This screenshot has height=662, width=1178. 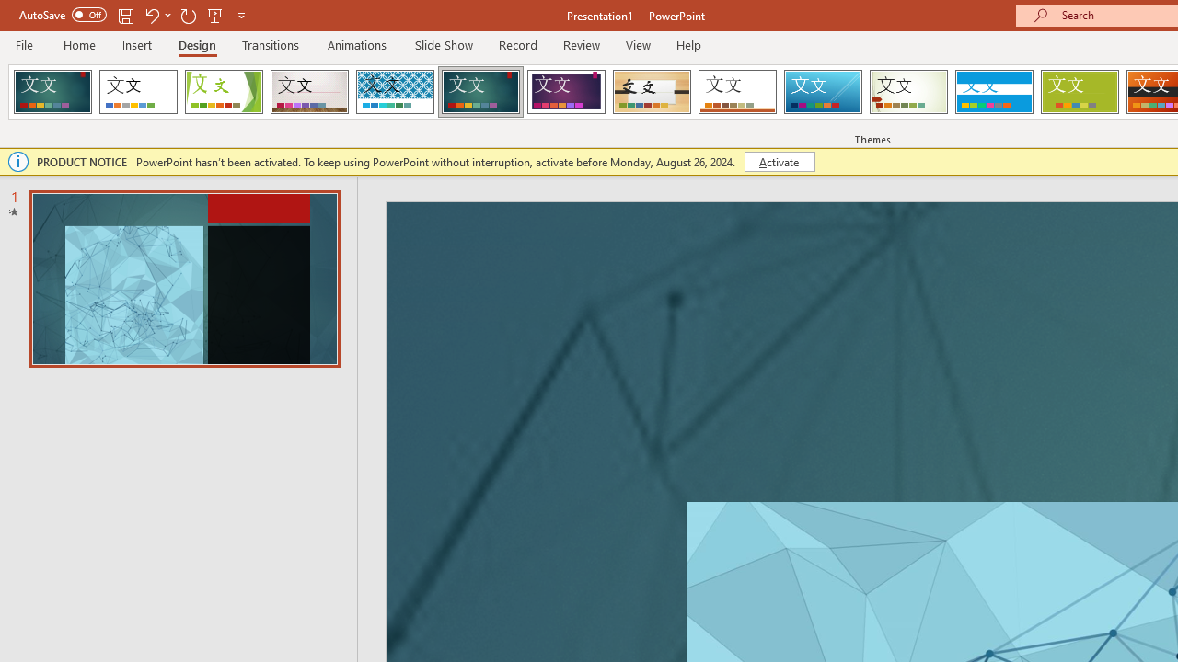 I want to click on 'Organic', so click(x=652, y=92).